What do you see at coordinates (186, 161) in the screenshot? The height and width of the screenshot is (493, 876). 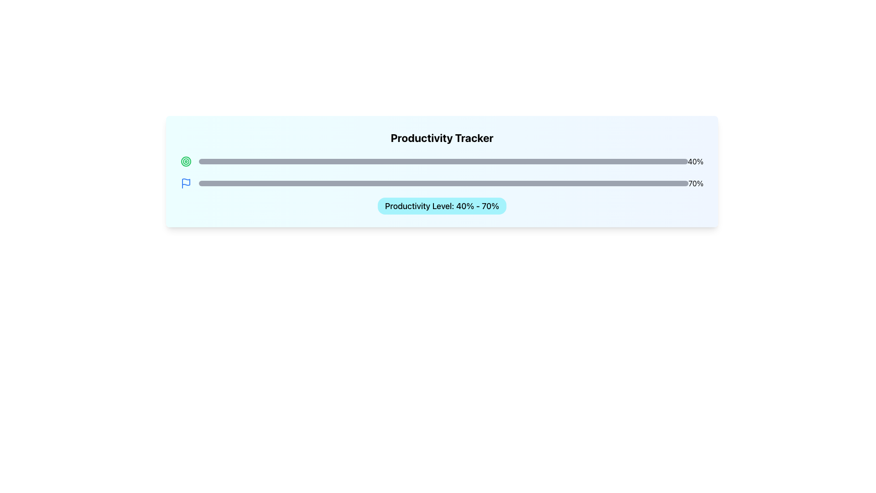 I see `the largest circle in a three-circle group forming a target icon, located near the upper left of the interface beside a horizontal progress bar` at bounding box center [186, 161].